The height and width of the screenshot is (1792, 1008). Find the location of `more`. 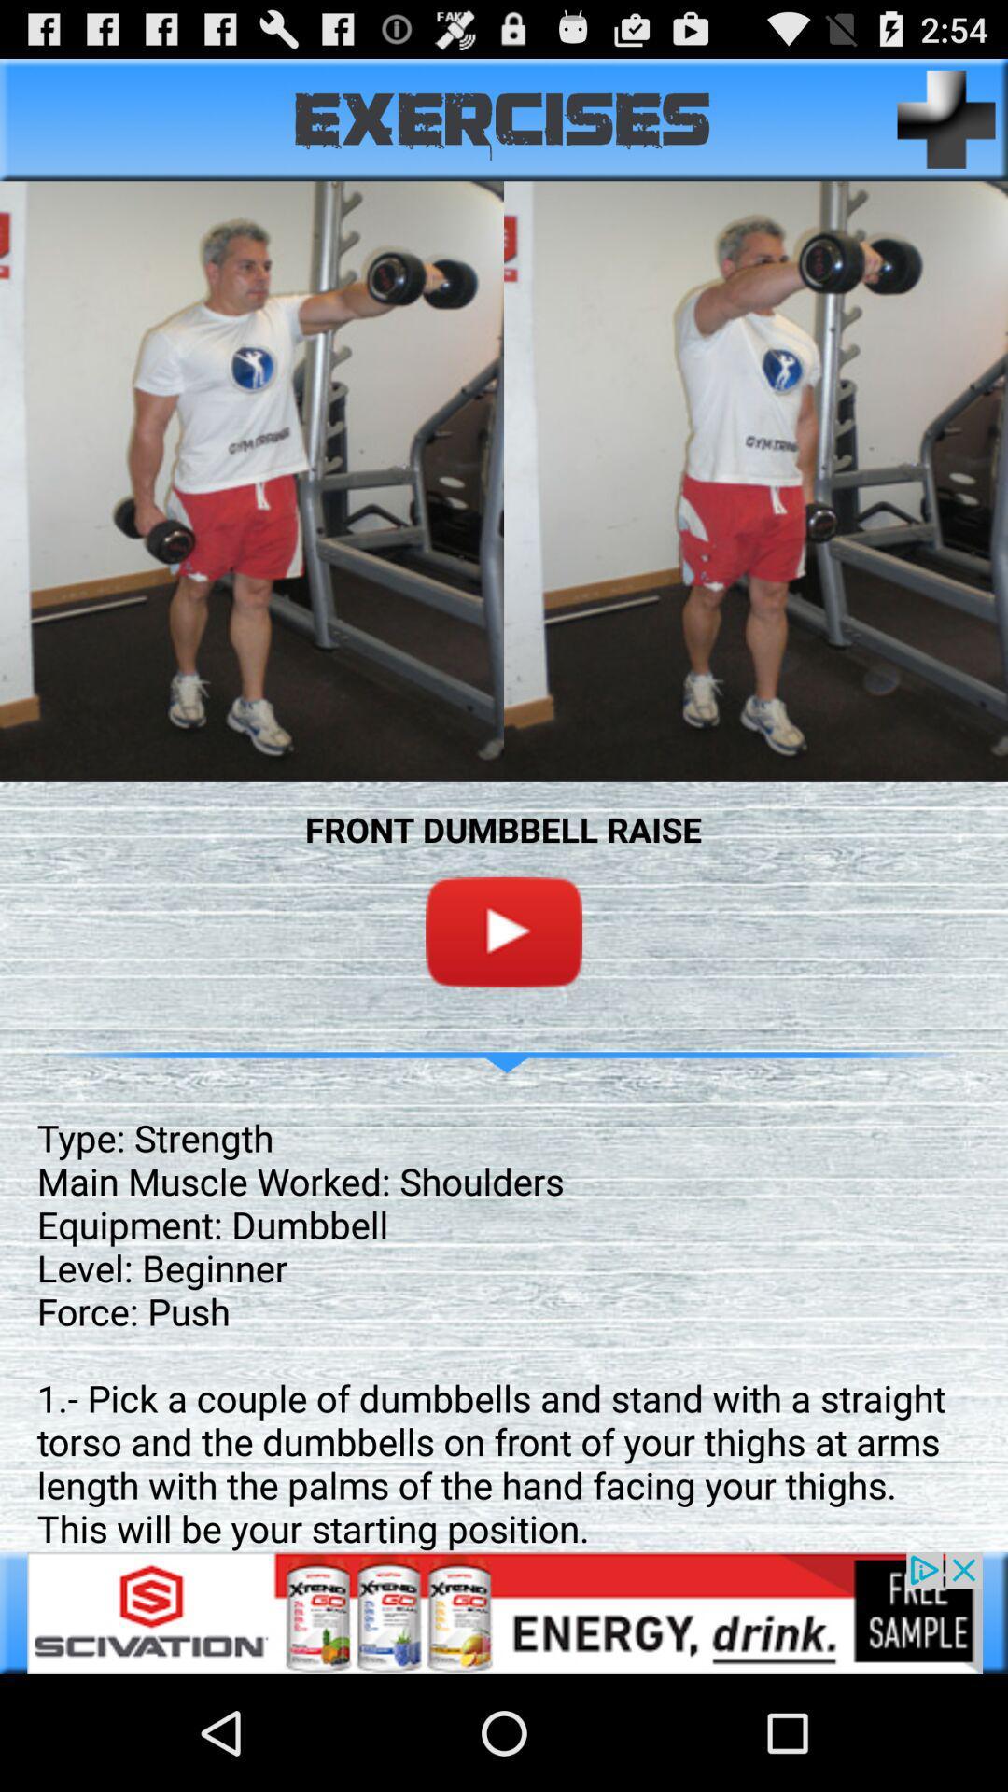

more is located at coordinates (946, 119).